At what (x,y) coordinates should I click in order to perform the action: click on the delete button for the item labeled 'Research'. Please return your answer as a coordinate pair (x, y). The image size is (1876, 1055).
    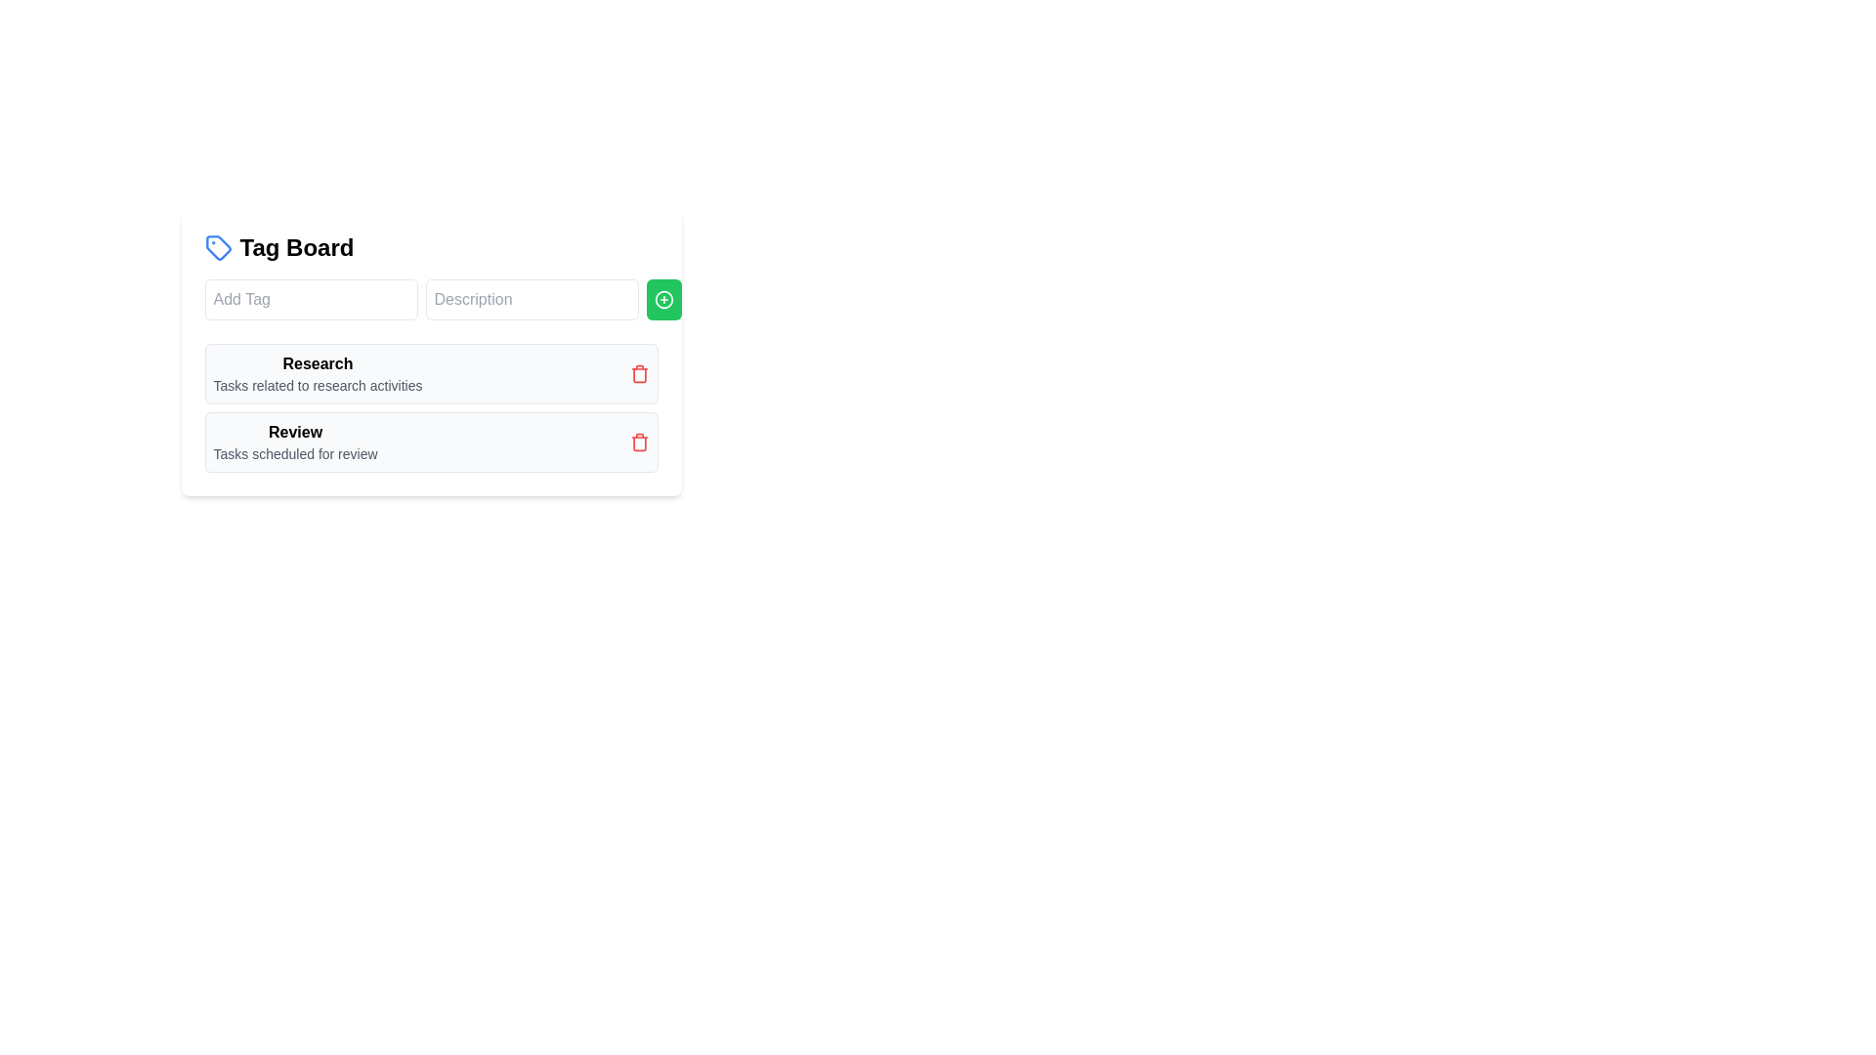
    Looking at the image, I should click on (639, 373).